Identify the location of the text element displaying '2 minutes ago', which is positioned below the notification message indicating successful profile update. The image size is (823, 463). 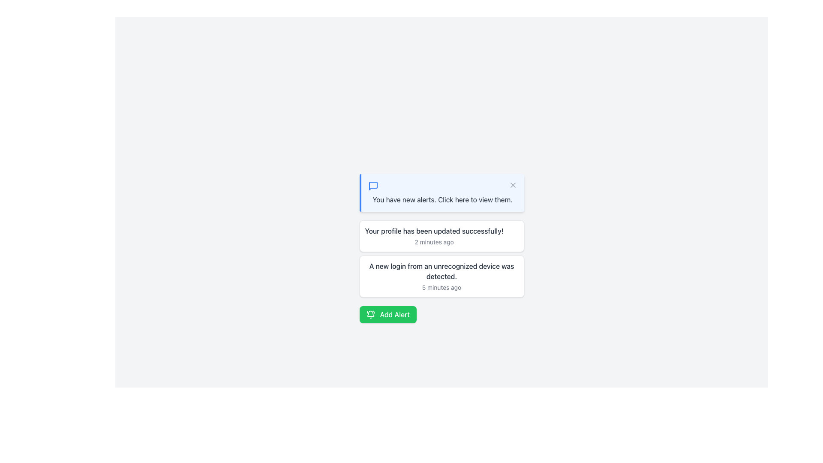
(434, 242).